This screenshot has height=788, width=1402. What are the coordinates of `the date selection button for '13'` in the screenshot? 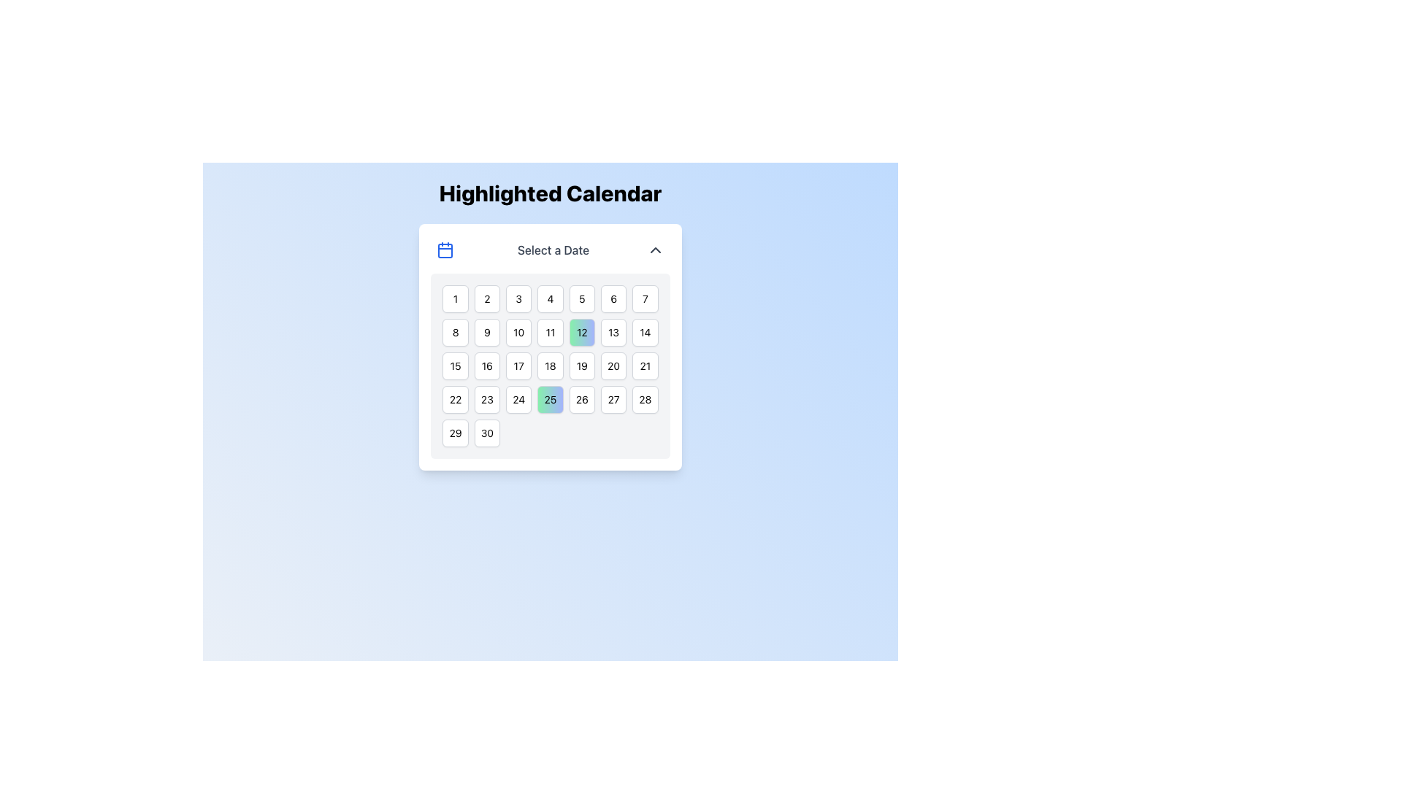 It's located at (613, 332).